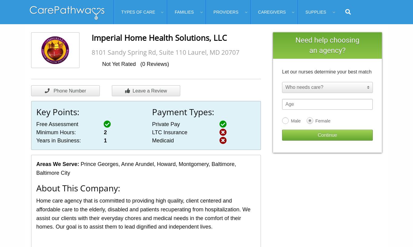 The image size is (413, 247). What do you see at coordinates (152, 132) in the screenshot?
I see `'LTC Insurance'` at bounding box center [152, 132].